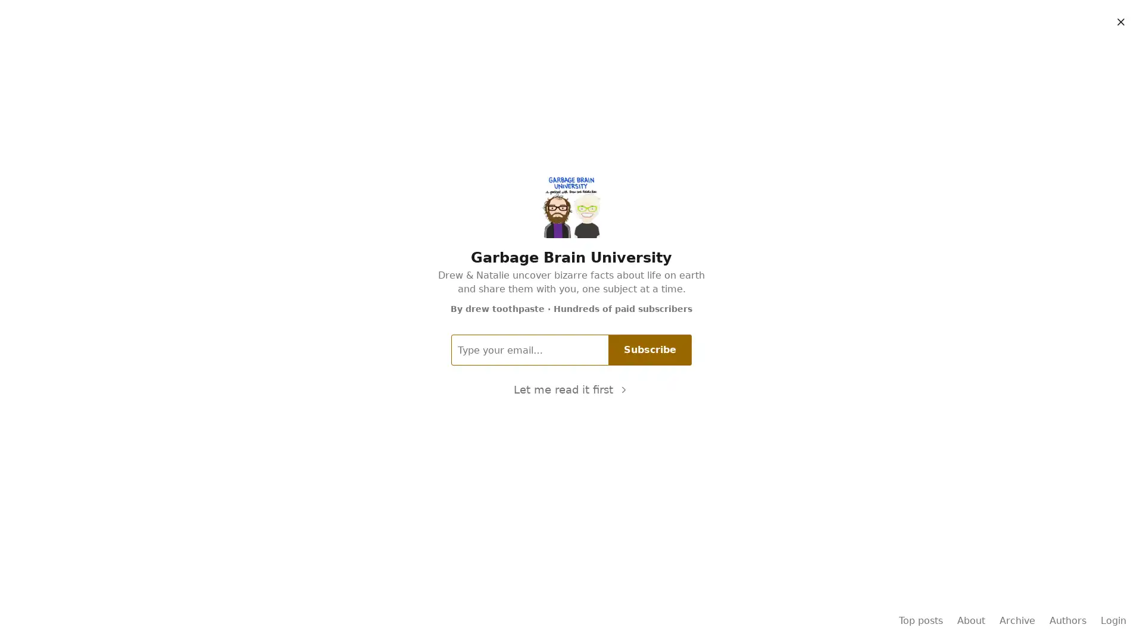 The width and height of the screenshot is (1143, 643). What do you see at coordinates (652, 507) in the screenshot?
I see `Subscribe` at bounding box center [652, 507].